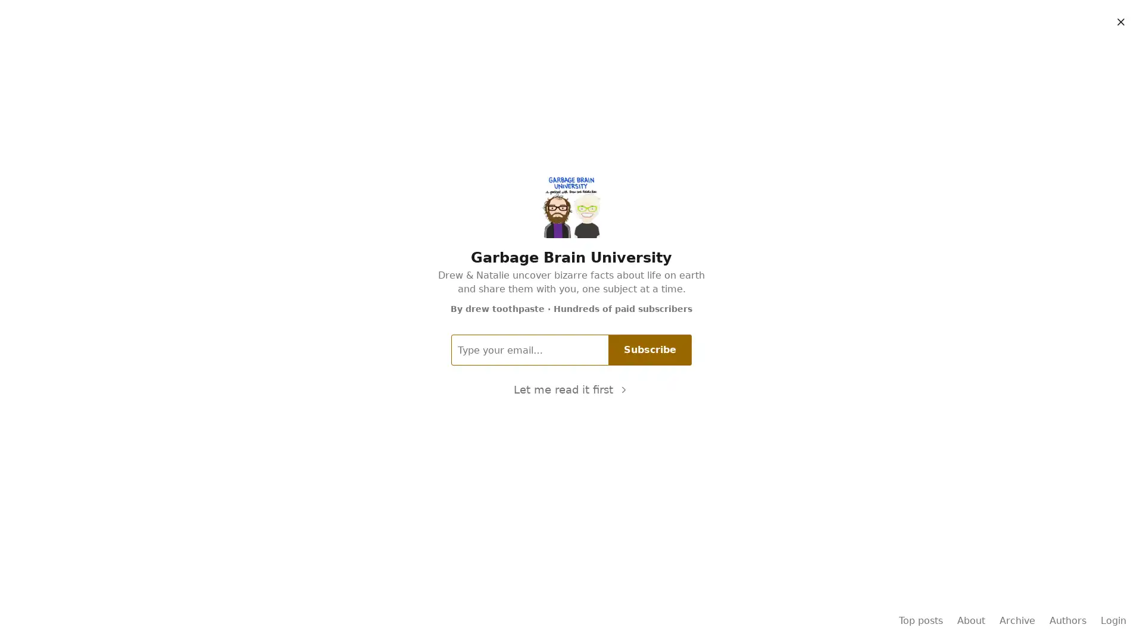 The width and height of the screenshot is (1143, 643). What do you see at coordinates (652, 507) in the screenshot?
I see `Subscribe` at bounding box center [652, 507].